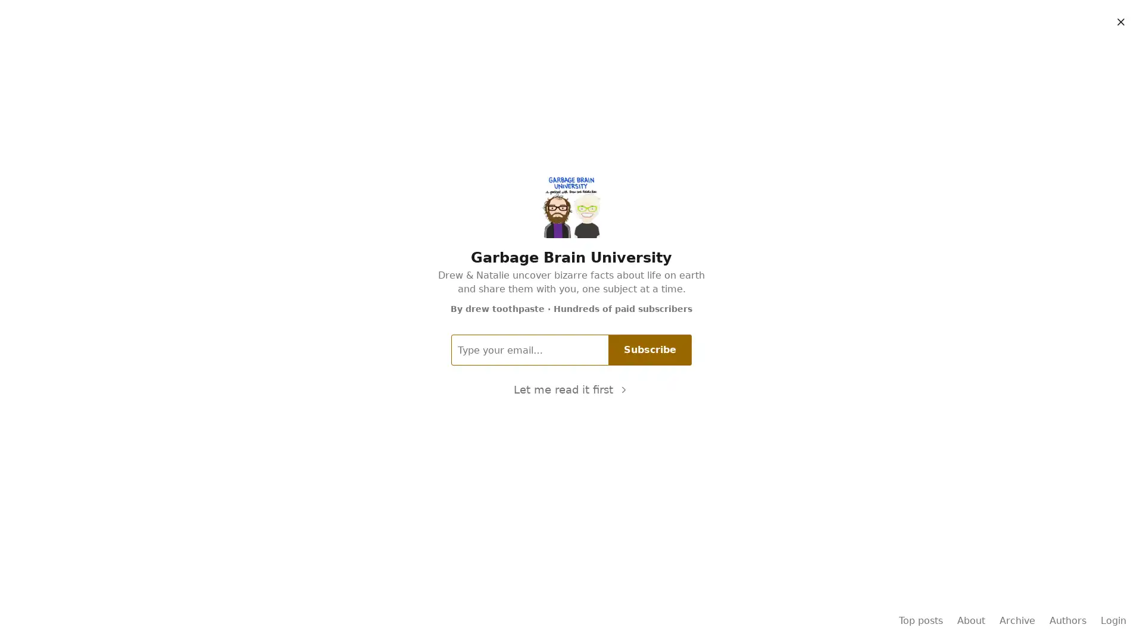 The width and height of the screenshot is (1143, 643). What do you see at coordinates (652, 507) in the screenshot?
I see `Subscribe` at bounding box center [652, 507].